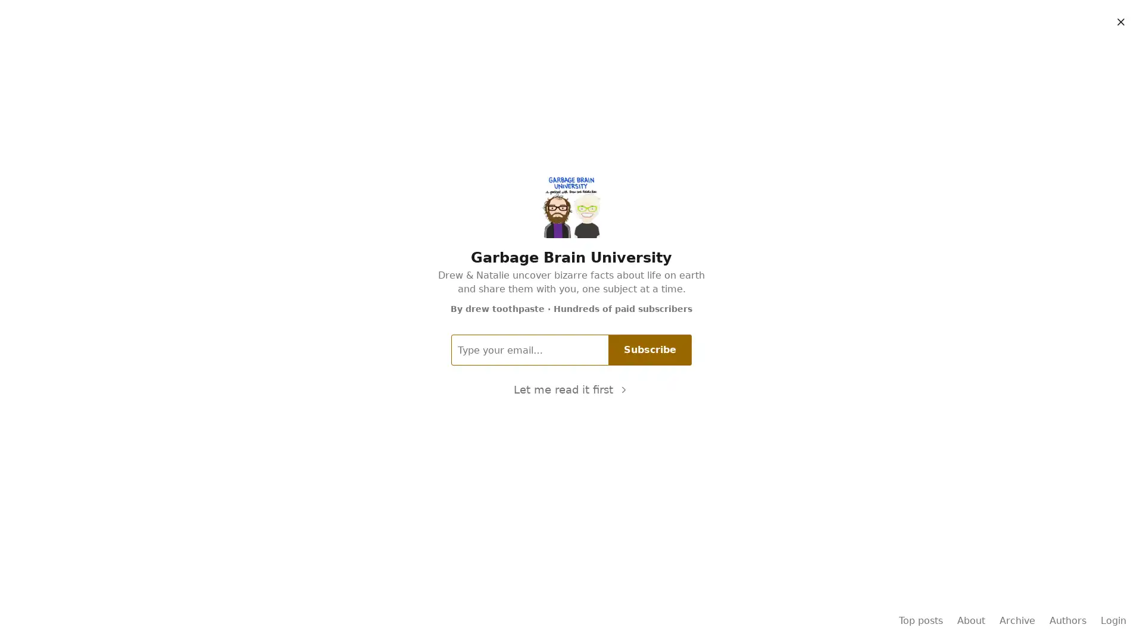 The width and height of the screenshot is (1143, 643). What do you see at coordinates (652, 507) in the screenshot?
I see `Subscribe` at bounding box center [652, 507].